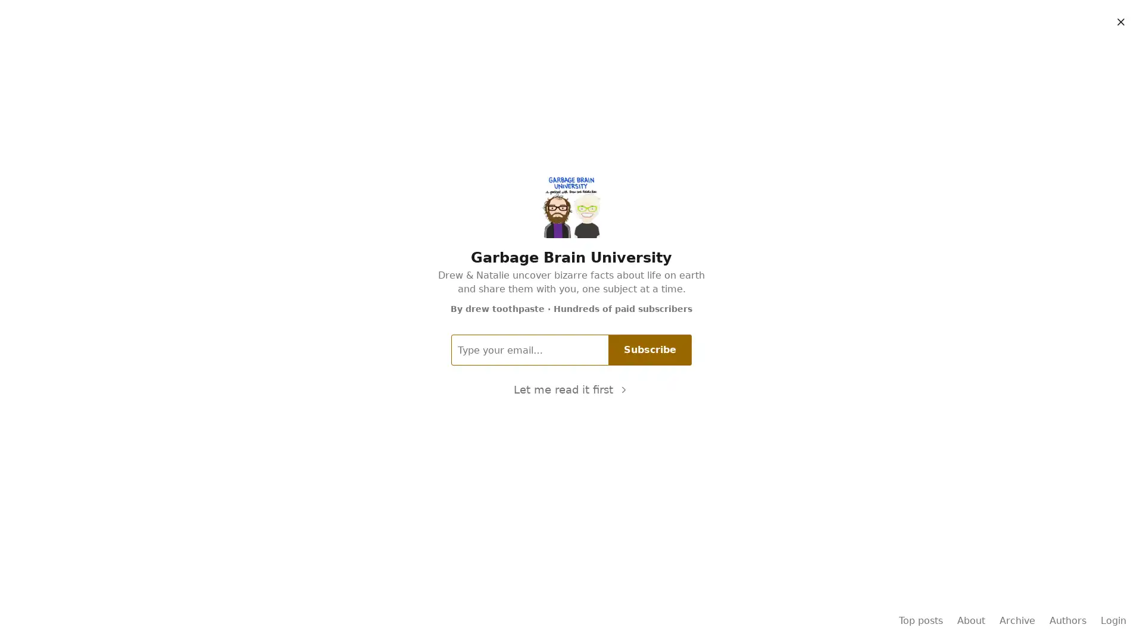 The width and height of the screenshot is (1143, 643). What do you see at coordinates (652, 507) in the screenshot?
I see `Subscribe` at bounding box center [652, 507].